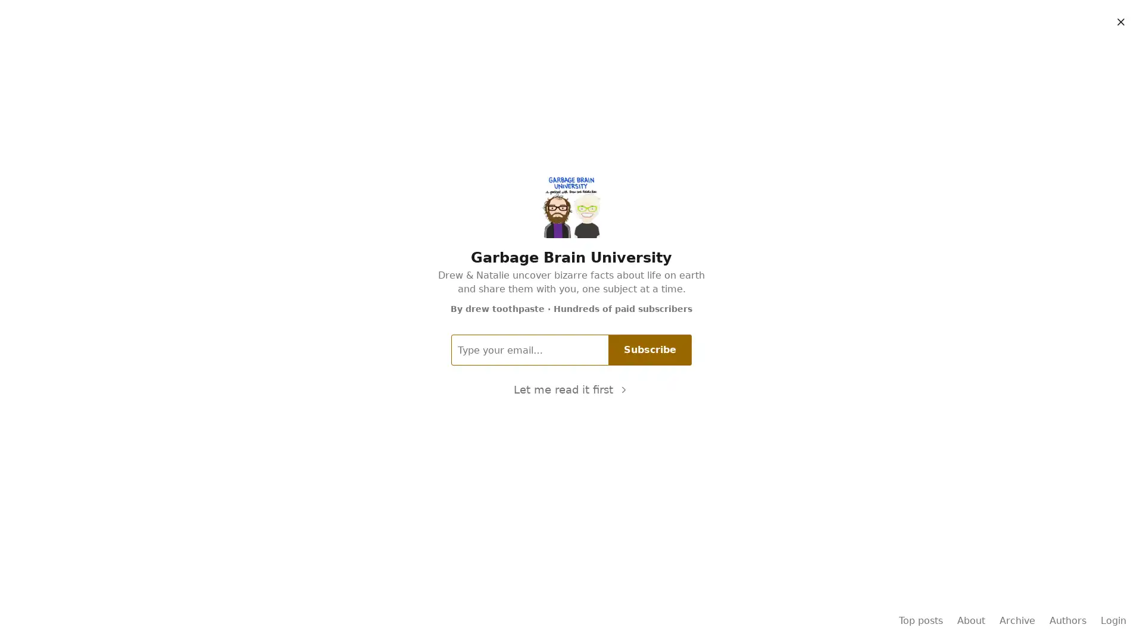 The width and height of the screenshot is (1143, 643). What do you see at coordinates (652, 507) in the screenshot?
I see `Subscribe` at bounding box center [652, 507].